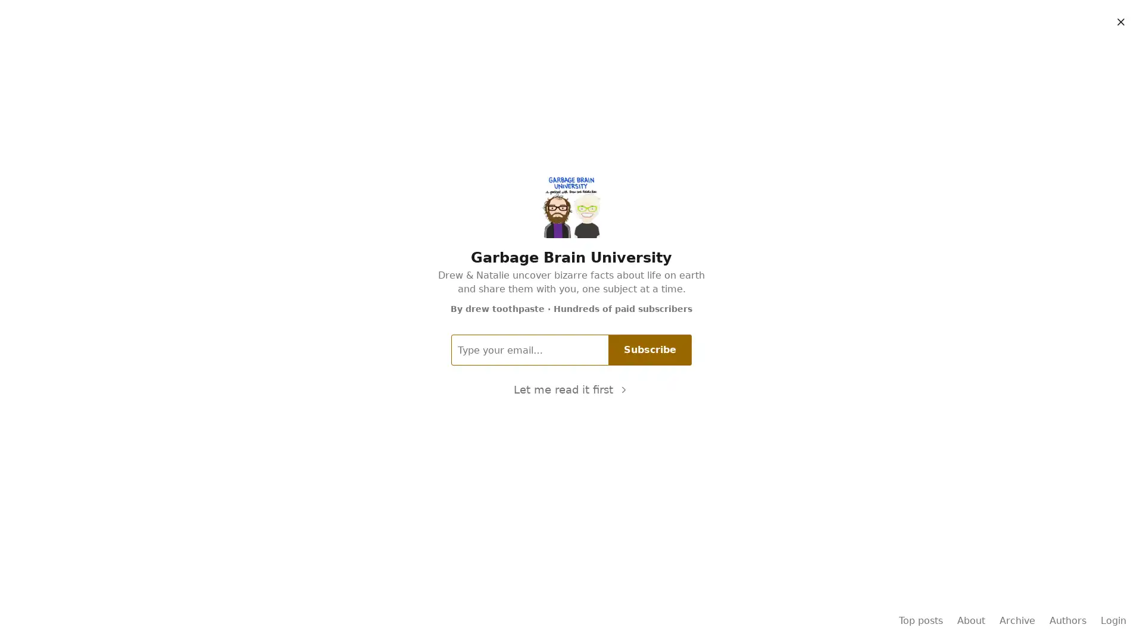 The width and height of the screenshot is (1143, 643). What do you see at coordinates (652, 507) in the screenshot?
I see `Subscribe` at bounding box center [652, 507].